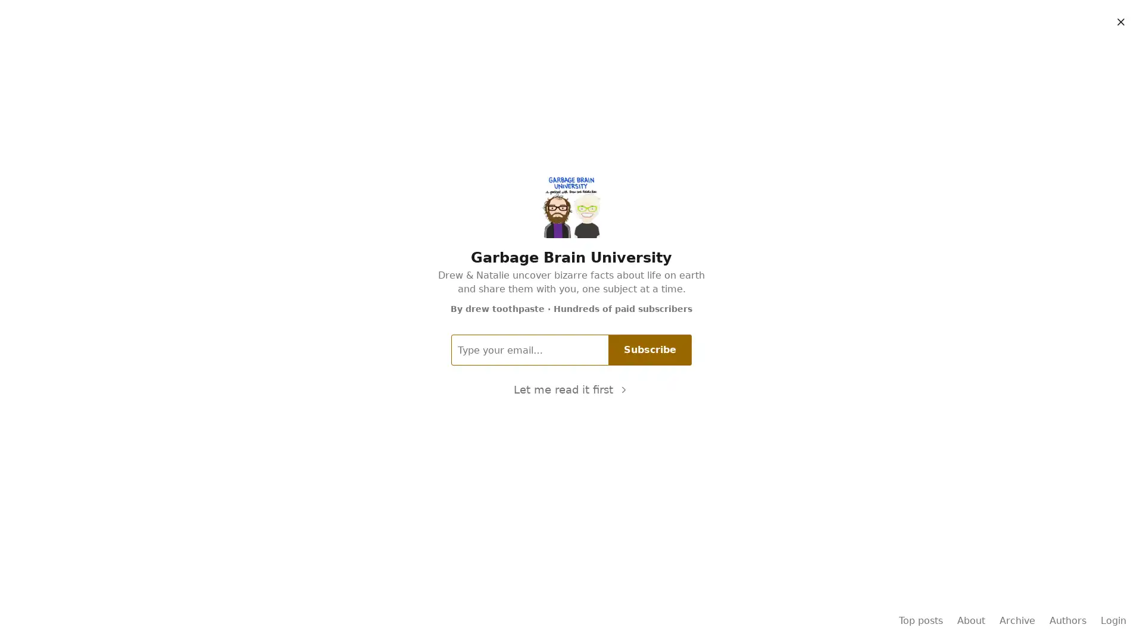 The width and height of the screenshot is (1143, 643). What do you see at coordinates (652, 507) in the screenshot?
I see `Subscribe` at bounding box center [652, 507].